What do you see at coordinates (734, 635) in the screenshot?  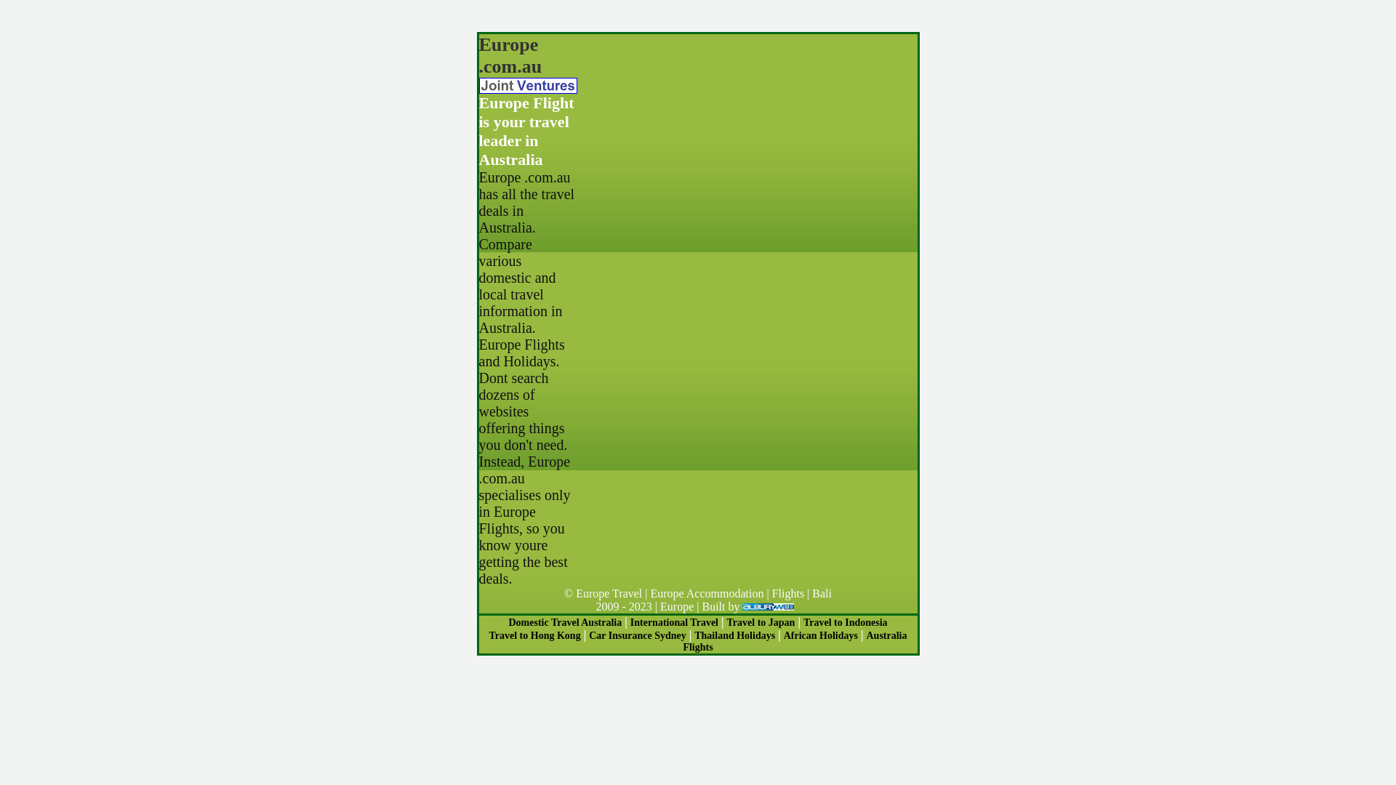 I see `'Thailand Holidays'` at bounding box center [734, 635].